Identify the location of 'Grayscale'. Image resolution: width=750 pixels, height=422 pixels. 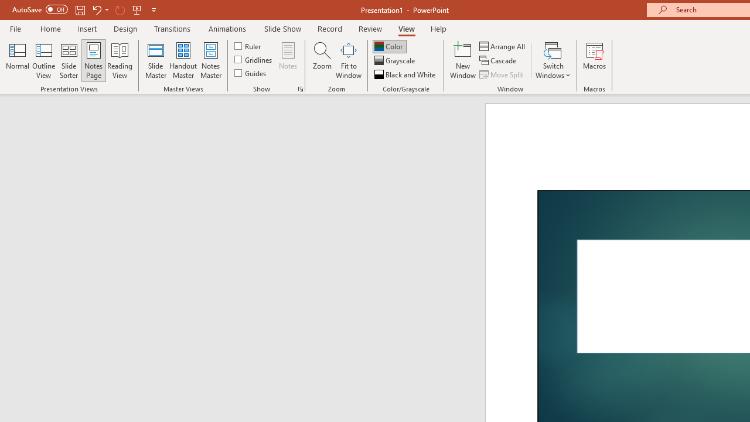
(396, 60).